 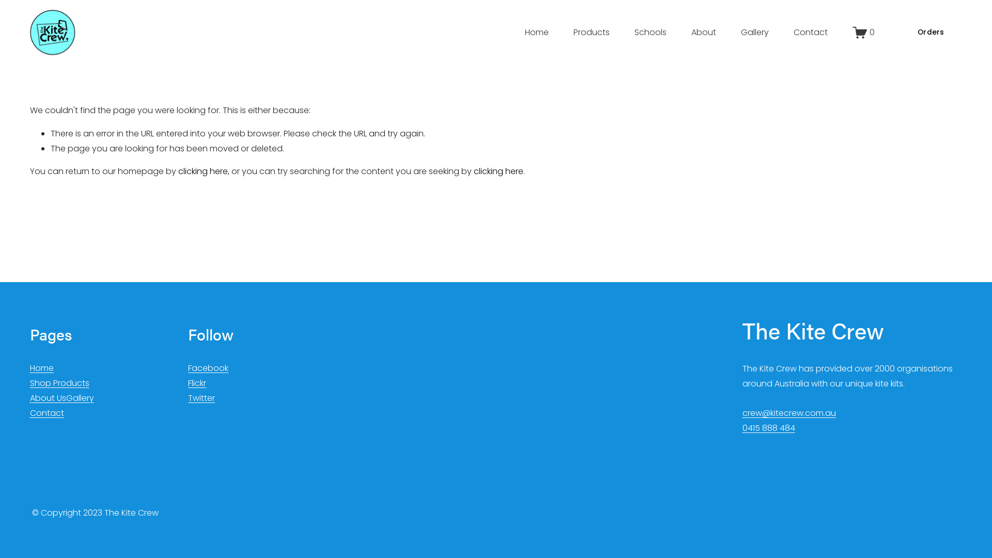 What do you see at coordinates (592, 32) in the screenshot?
I see `'Products'` at bounding box center [592, 32].